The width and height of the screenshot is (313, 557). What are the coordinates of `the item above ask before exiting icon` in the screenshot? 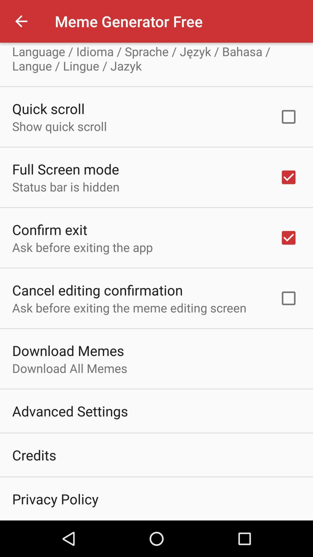 It's located at (49, 229).